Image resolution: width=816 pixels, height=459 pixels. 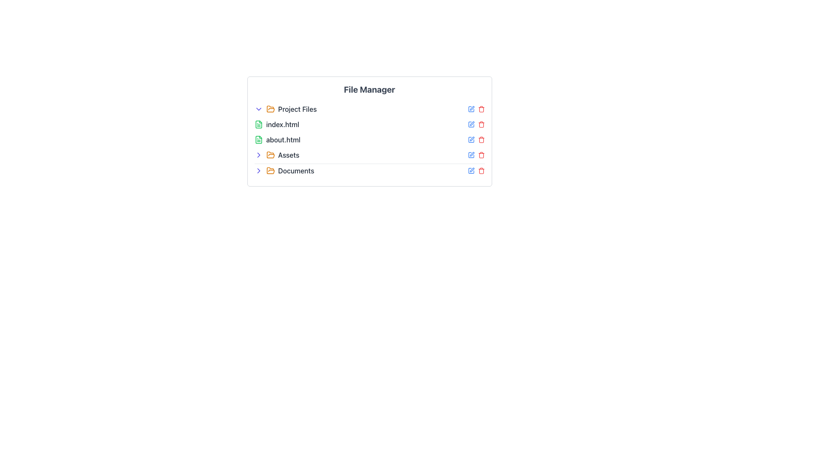 What do you see at coordinates (258, 155) in the screenshot?
I see `the rightward-pointing chevron icon located to the right of the 'Documents' folder in the file manager interface, which indicates expandable content` at bounding box center [258, 155].